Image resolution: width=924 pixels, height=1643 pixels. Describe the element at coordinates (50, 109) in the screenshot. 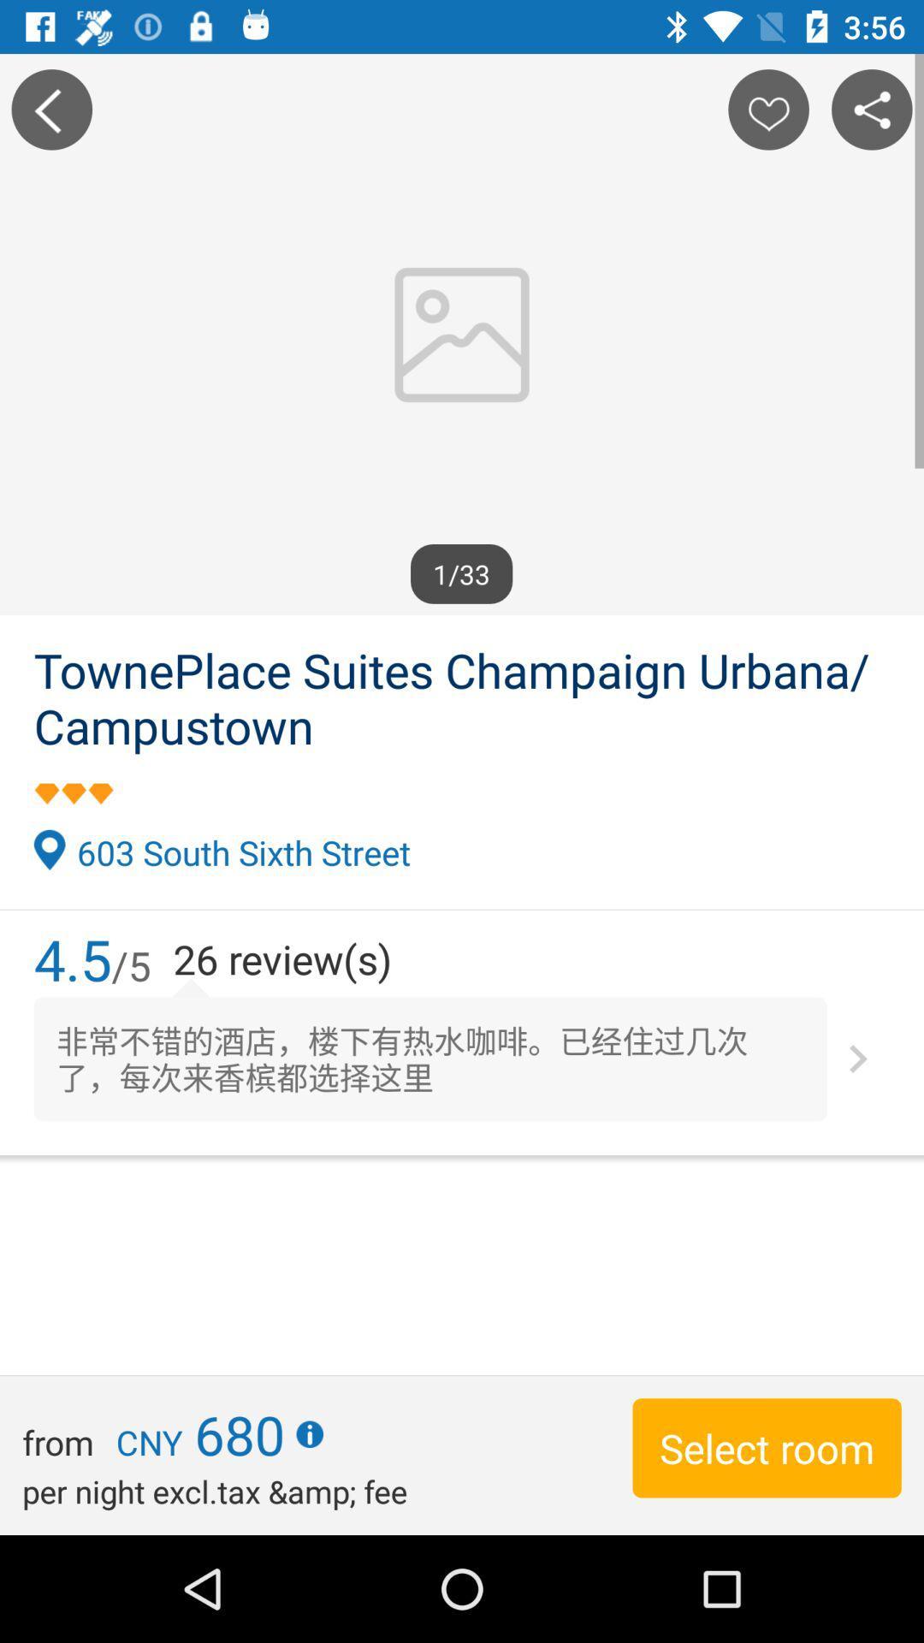

I see `go back` at that location.